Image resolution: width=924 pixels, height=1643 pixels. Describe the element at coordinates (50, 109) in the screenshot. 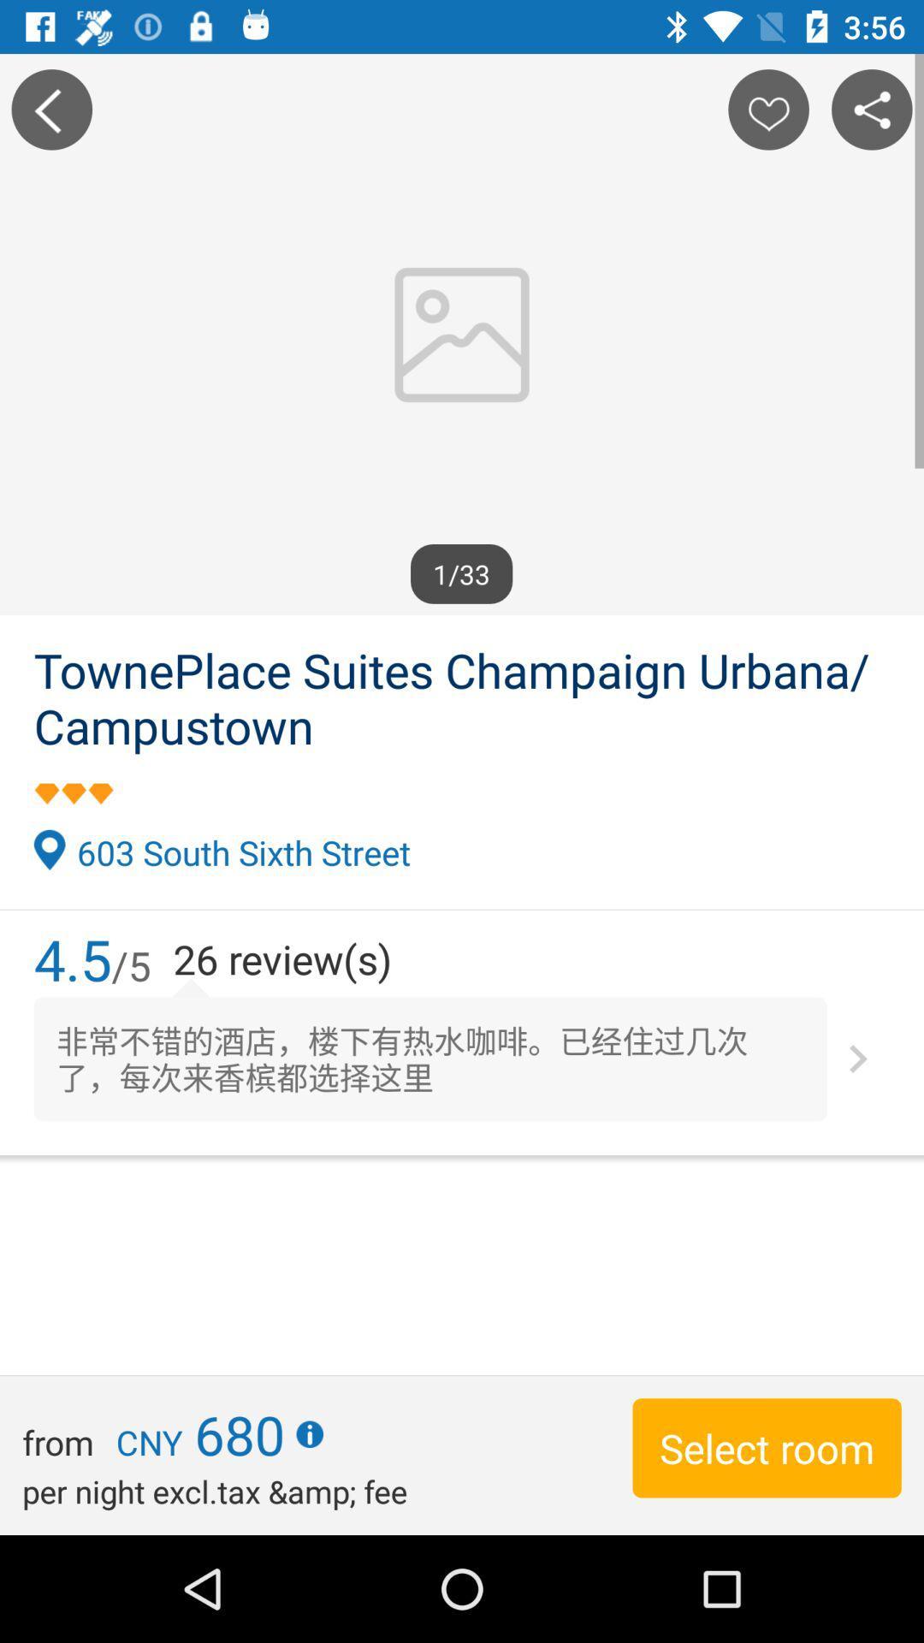

I see `go back` at that location.